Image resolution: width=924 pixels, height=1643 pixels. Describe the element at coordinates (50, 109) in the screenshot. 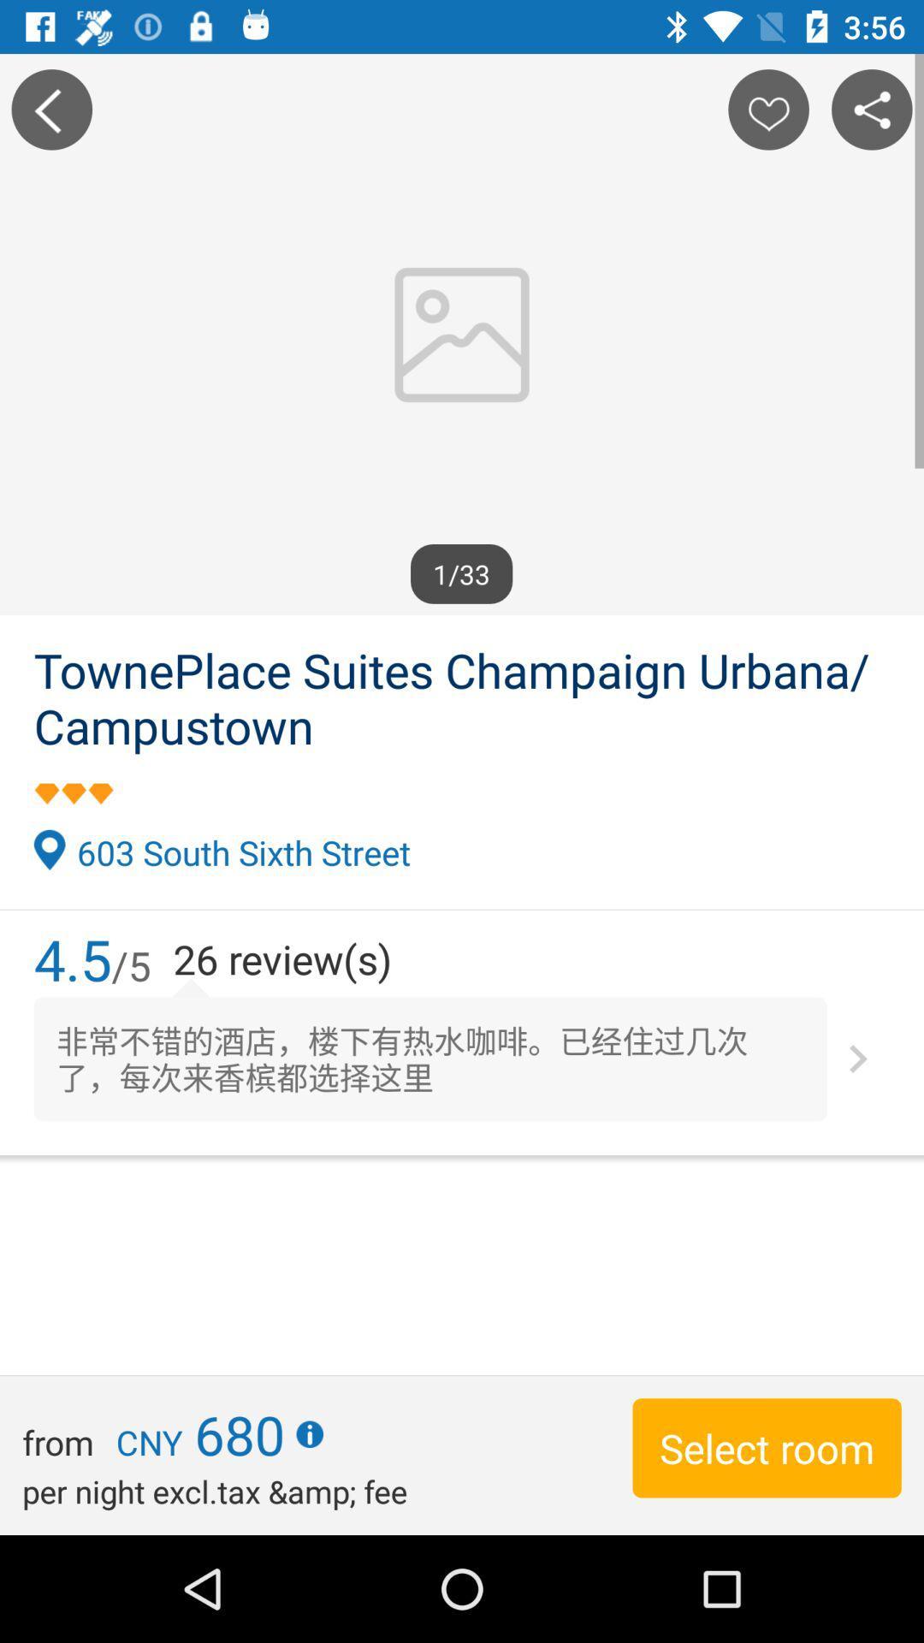

I see `go back` at that location.